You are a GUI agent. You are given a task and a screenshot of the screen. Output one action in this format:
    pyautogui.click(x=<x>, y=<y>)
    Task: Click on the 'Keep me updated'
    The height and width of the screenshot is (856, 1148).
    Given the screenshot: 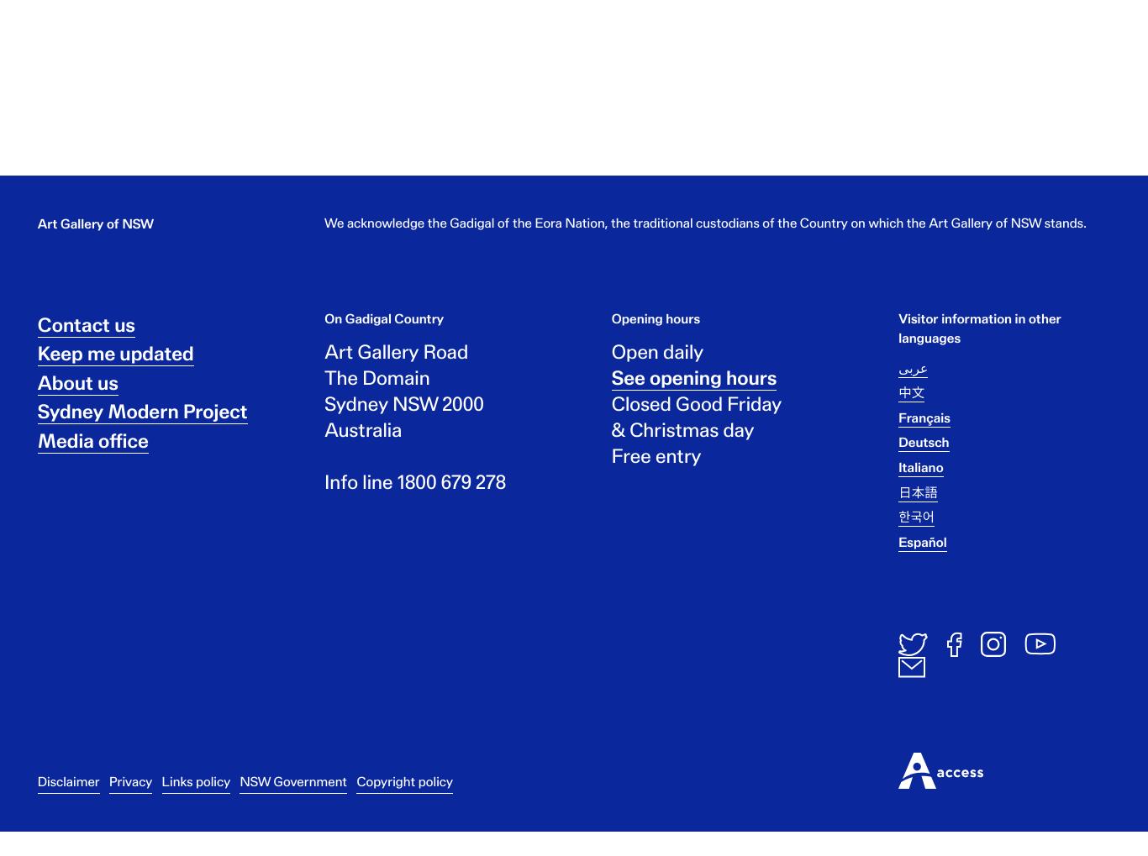 What is the action you would take?
    pyautogui.click(x=114, y=367)
    